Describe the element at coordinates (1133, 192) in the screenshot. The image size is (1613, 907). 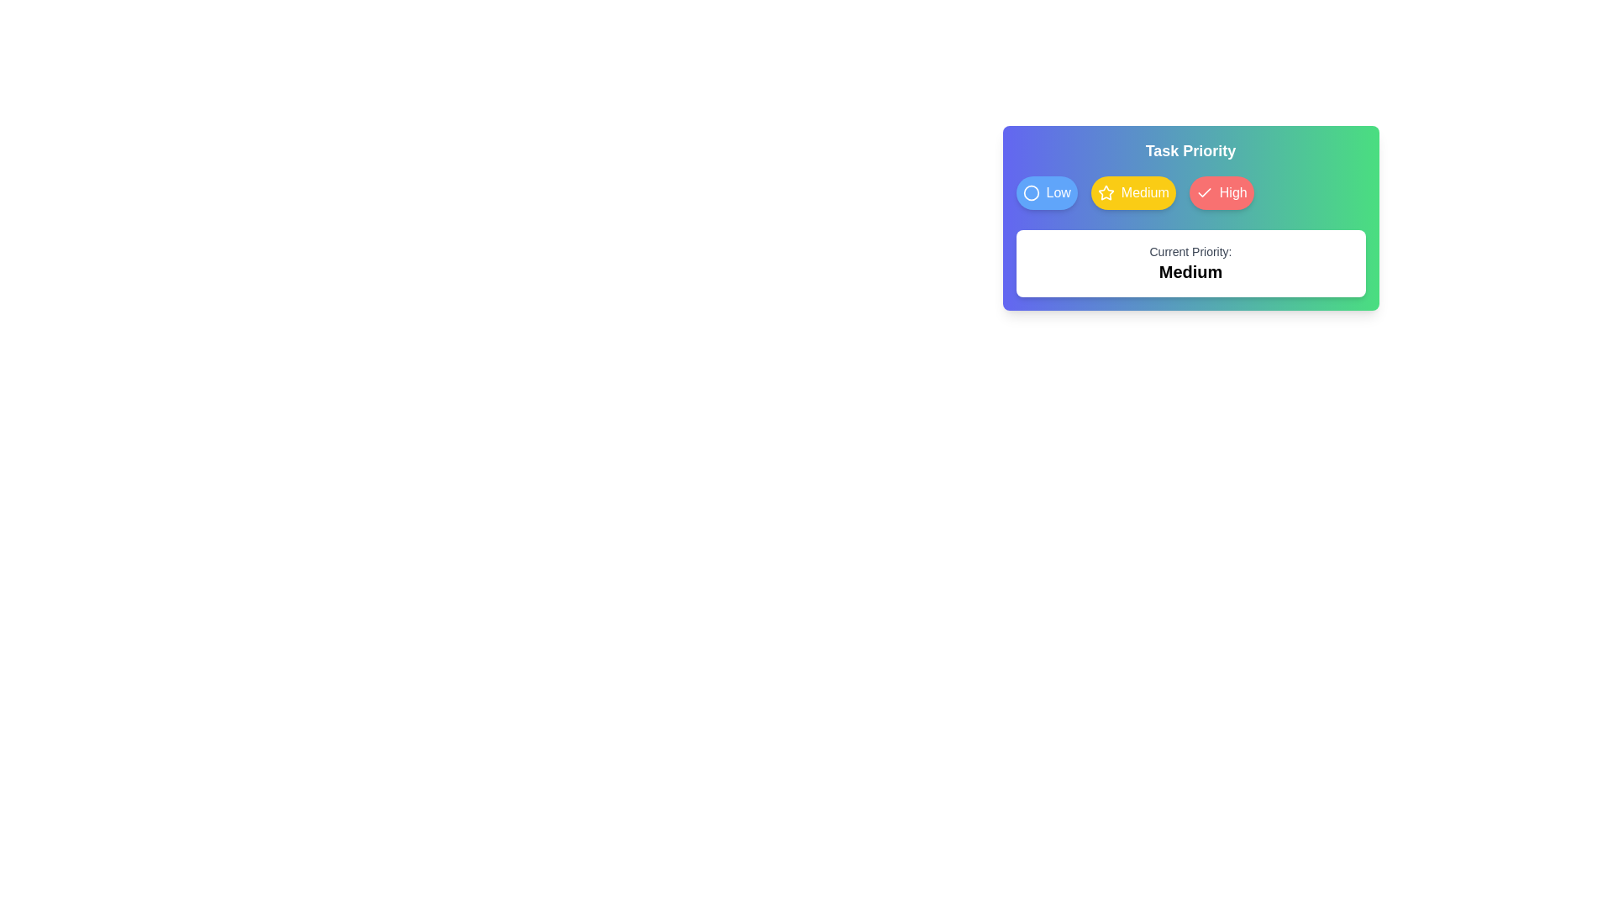
I see `the rounded rectangular button with a yellow background labeled 'Medium'` at that location.